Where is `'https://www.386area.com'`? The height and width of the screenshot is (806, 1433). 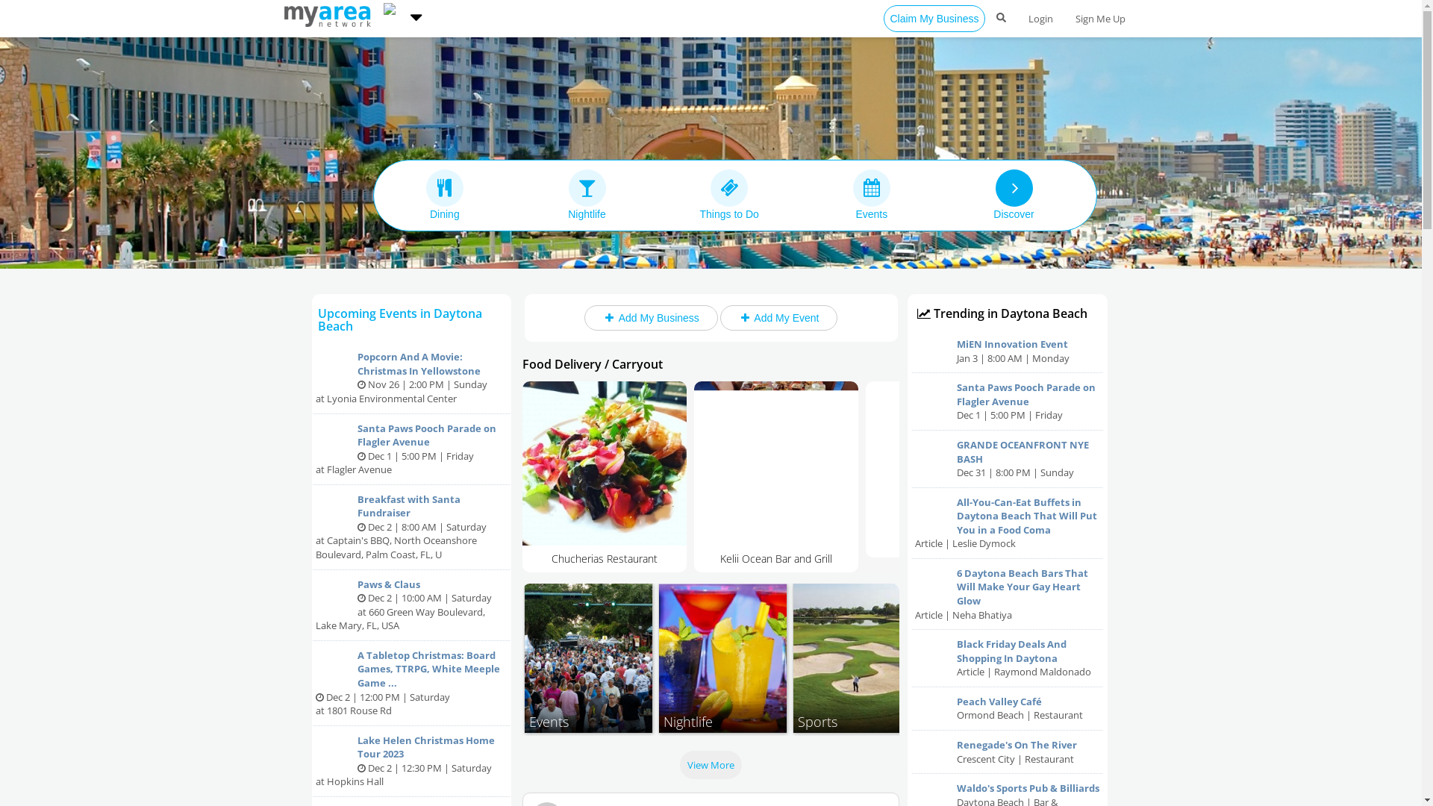 'https://www.386area.com' is located at coordinates (329, 14).